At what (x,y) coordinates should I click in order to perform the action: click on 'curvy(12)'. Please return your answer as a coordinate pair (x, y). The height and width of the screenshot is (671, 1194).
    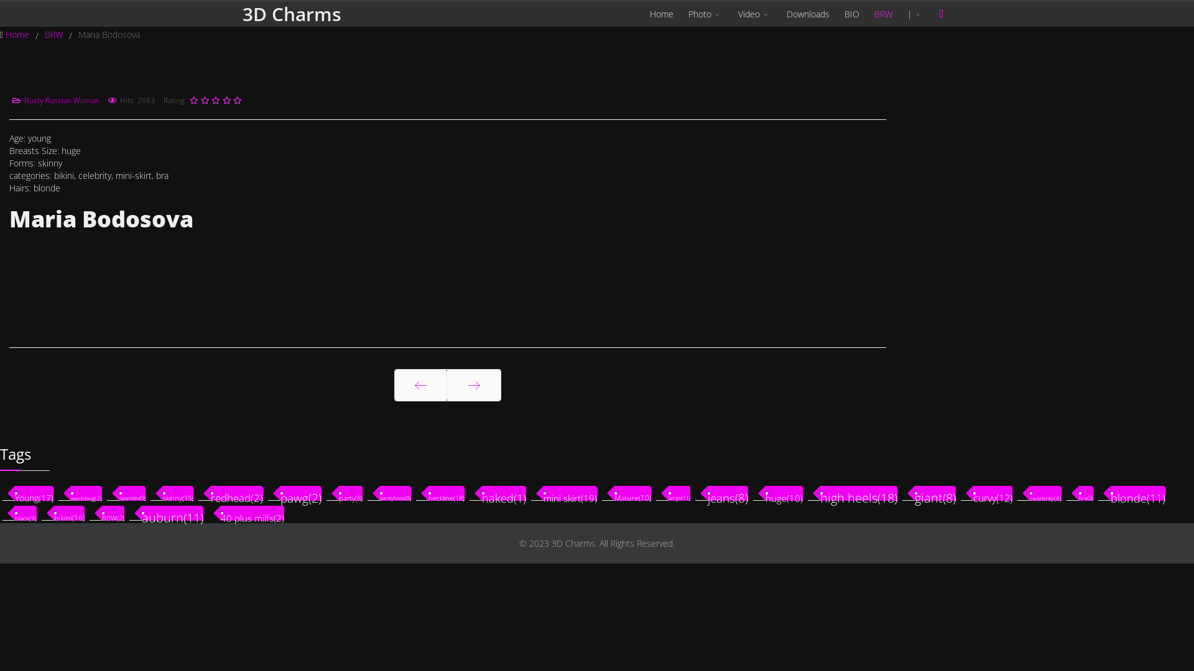
    Looking at the image, I should click on (992, 493).